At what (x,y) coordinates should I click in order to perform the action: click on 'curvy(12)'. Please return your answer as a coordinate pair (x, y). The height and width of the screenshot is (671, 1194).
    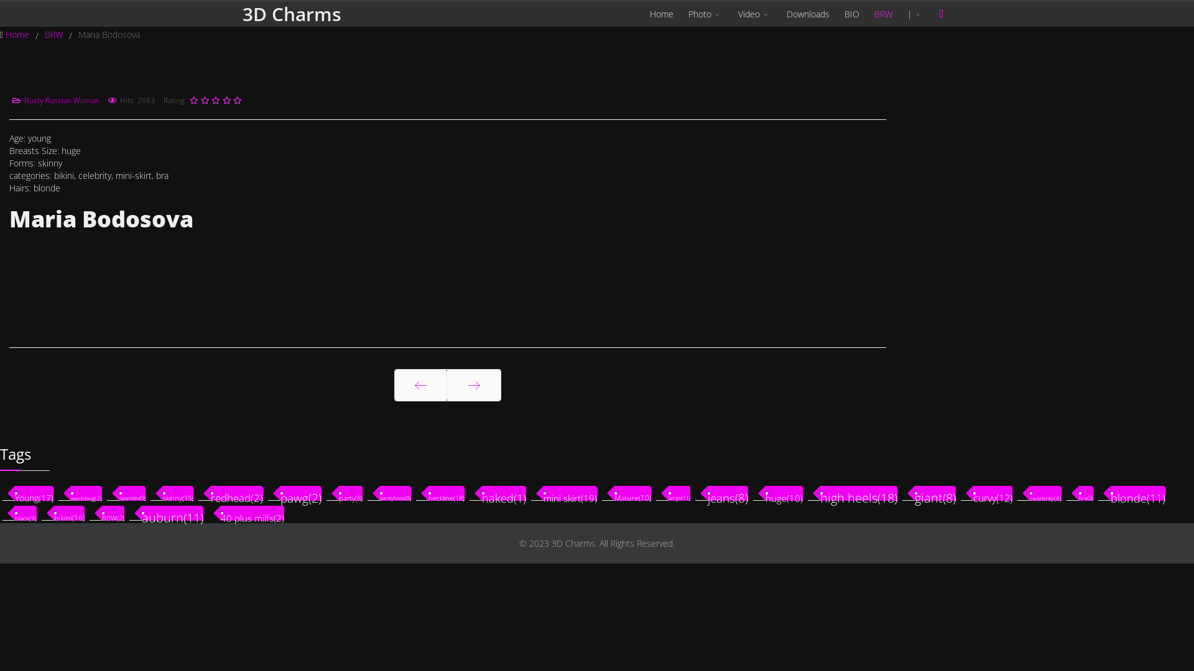
    Looking at the image, I should click on (992, 493).